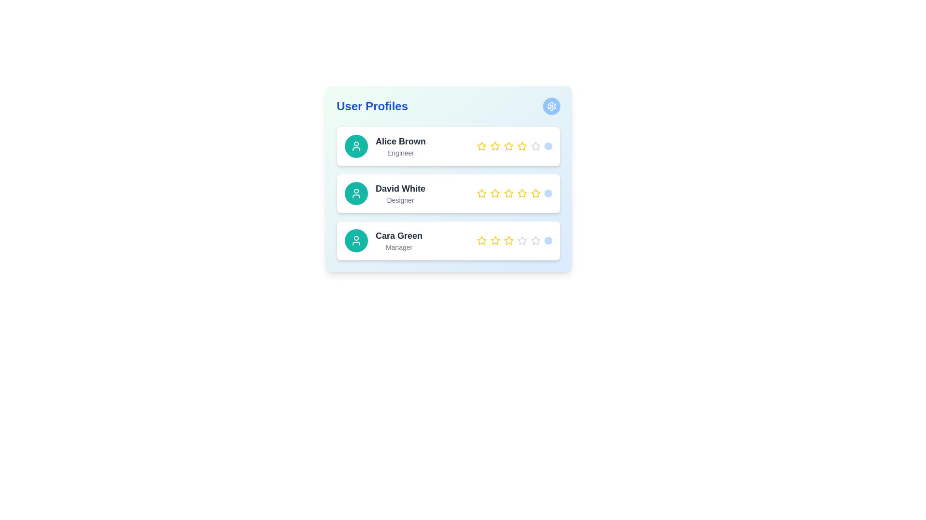 The image size is (926, 520). Describe the element at coordinates (356, 240) in the screenshot. I see `the user profile icon representing 'David White', which is a decorative element in the left section of a horizontal list item` at that location.